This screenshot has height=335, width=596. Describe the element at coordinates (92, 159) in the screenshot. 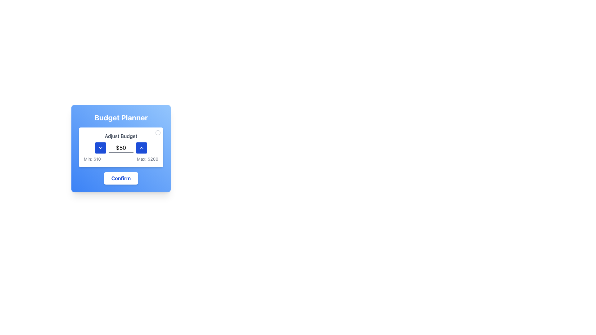

I see `the text label displaying 'Min: $10' in a small gray font, which is positioned to the left of the 'Max: $200' label in the 'Budget Planner' interface` at that location.